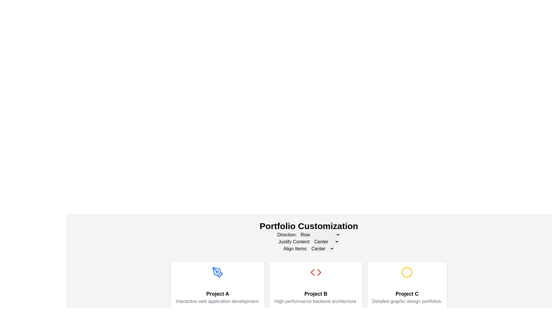 The height and width of the screenshot is (314, 559). Describe the element at coordinates (295, 249) in the screenshot. I see `the text label that reads 'Align Items:', which is styled in a sans-serif font and located under the 'Portfolio Customization' section, aligned with other dropdown labels` at that location.